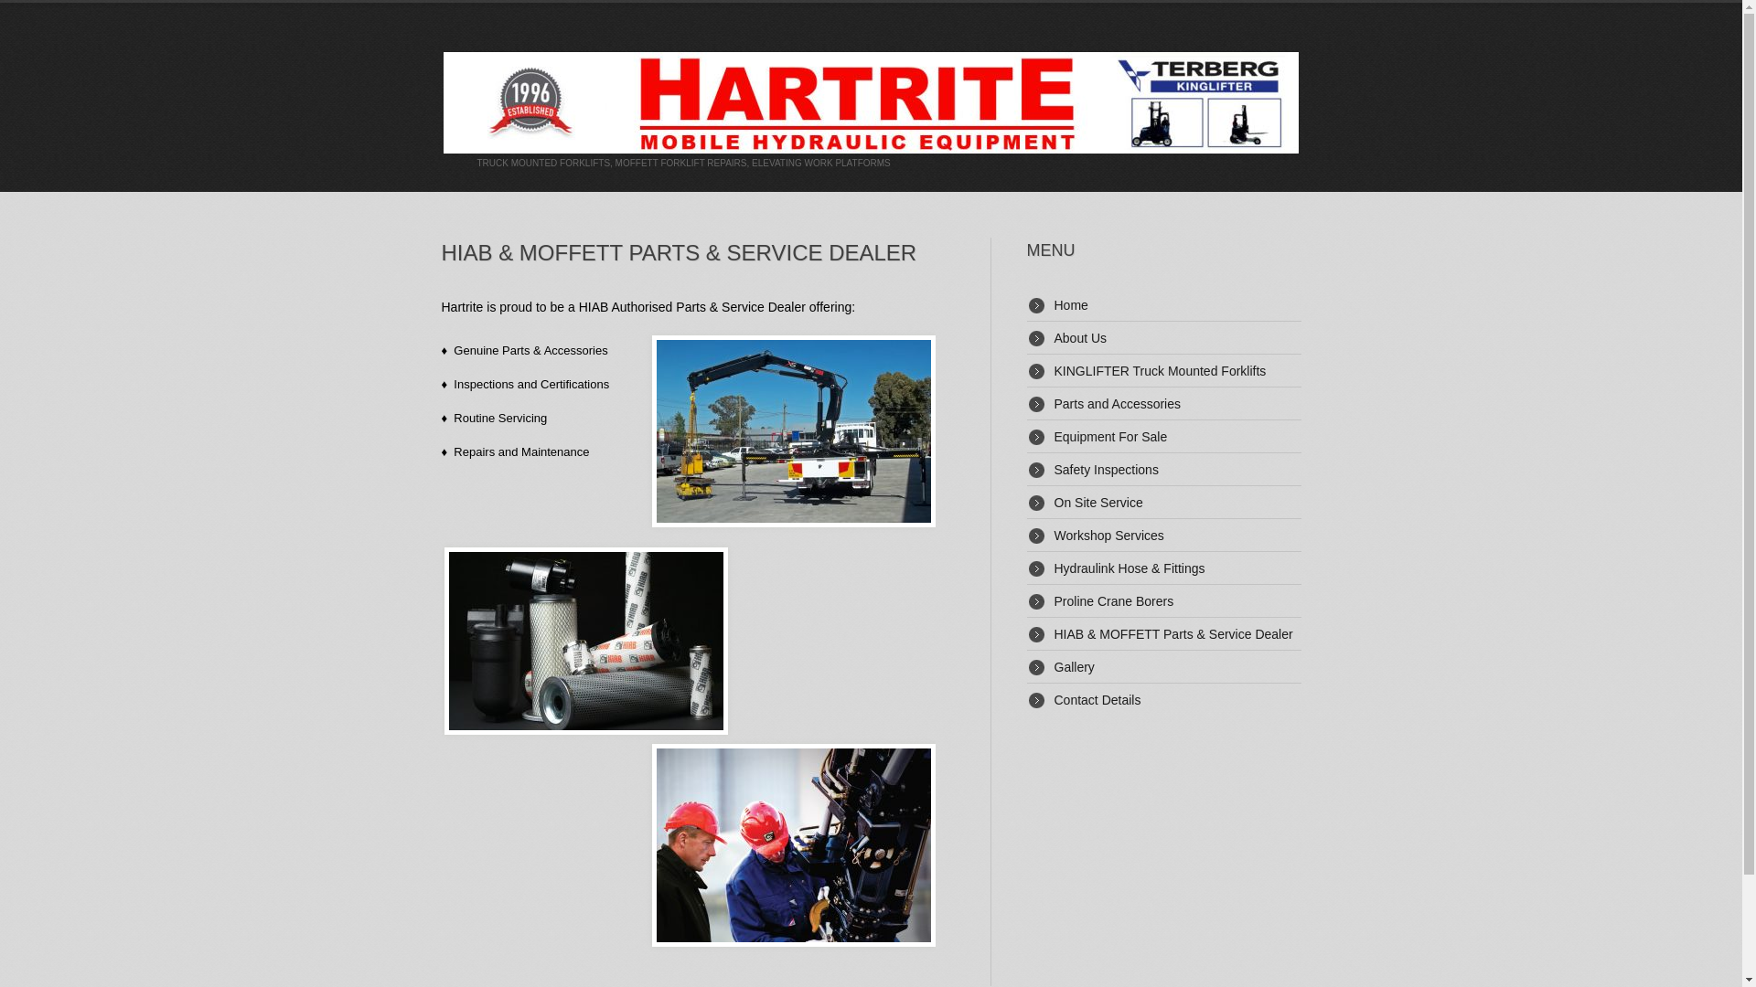  I want to click on 'Gallery', so click(1074, 666).